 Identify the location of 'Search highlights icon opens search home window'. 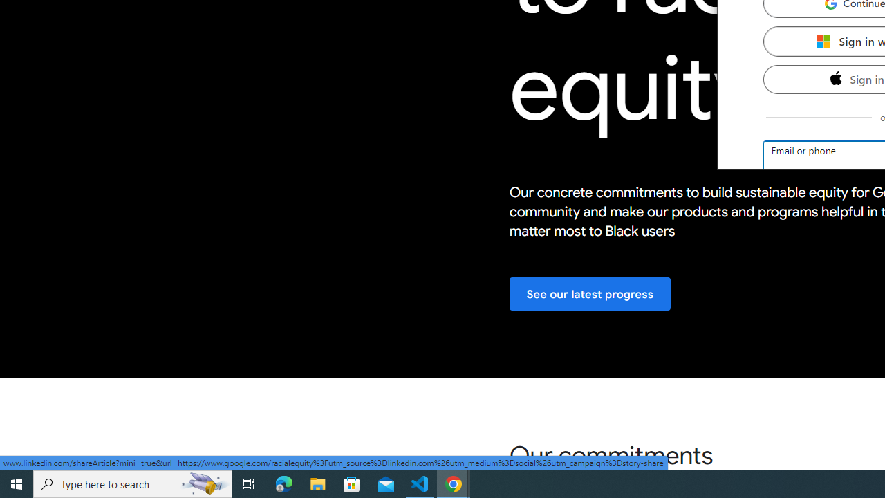
(203, 483).